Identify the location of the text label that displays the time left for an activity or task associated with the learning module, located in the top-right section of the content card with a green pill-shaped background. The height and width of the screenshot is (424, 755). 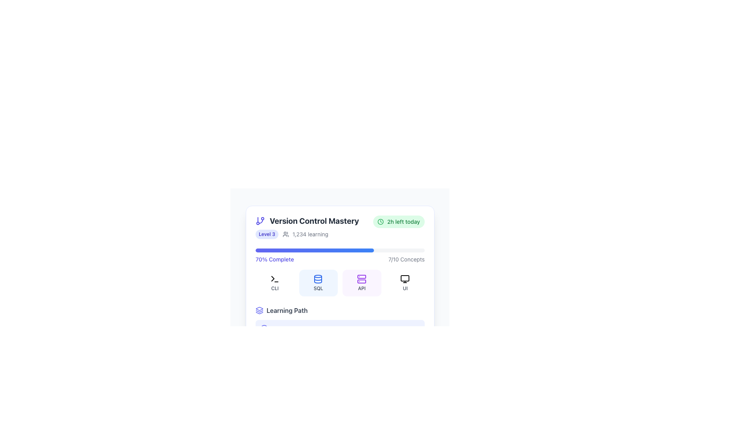
(403, 221).